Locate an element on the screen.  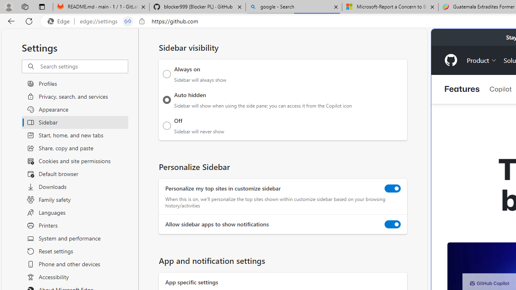
'Off Sidebar will never show' is located at coordinates (166, 125).